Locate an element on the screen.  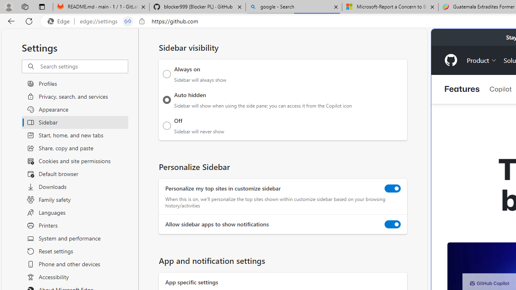
'Off Sidebar will never show' is located at coordinates (166, 125).